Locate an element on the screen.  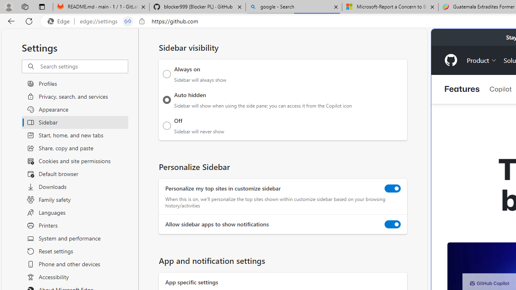
'Off Sidebar will never show' is located at coordinates (166, 125).